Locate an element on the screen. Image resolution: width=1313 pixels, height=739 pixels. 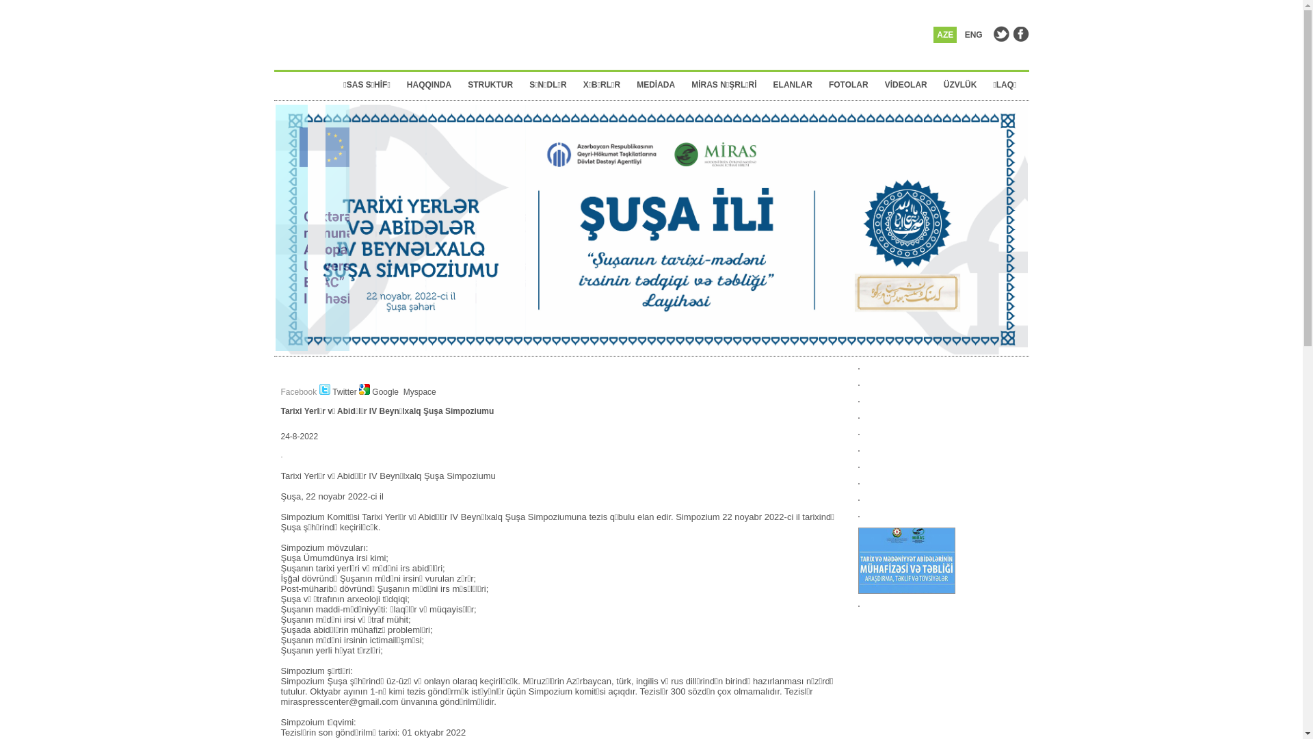
'Next' is located at coordinates (1017, 320).